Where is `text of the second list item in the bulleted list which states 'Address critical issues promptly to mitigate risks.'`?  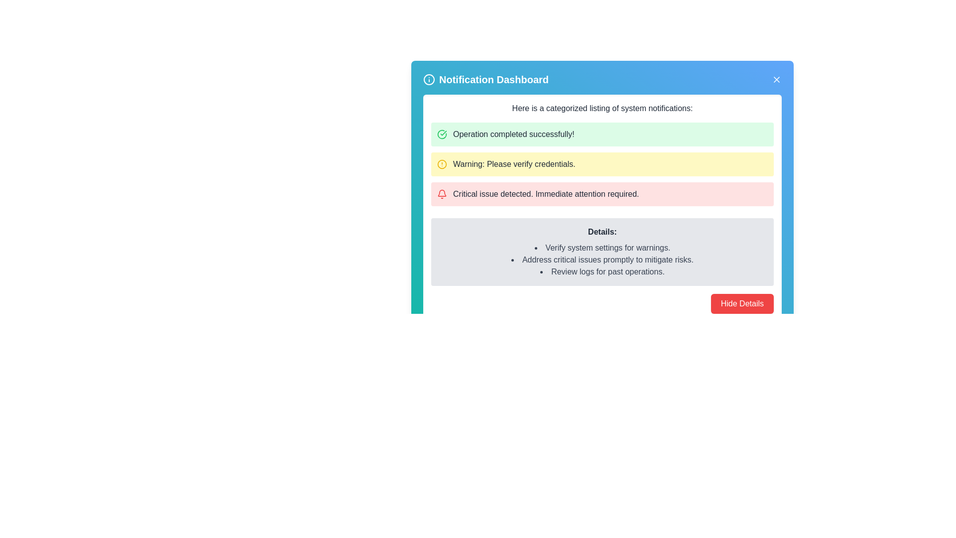 text of the second list item in the bulleted list which states 'Address critical issues promptly to mitigate risks.' is located at coordinates (601, 259).